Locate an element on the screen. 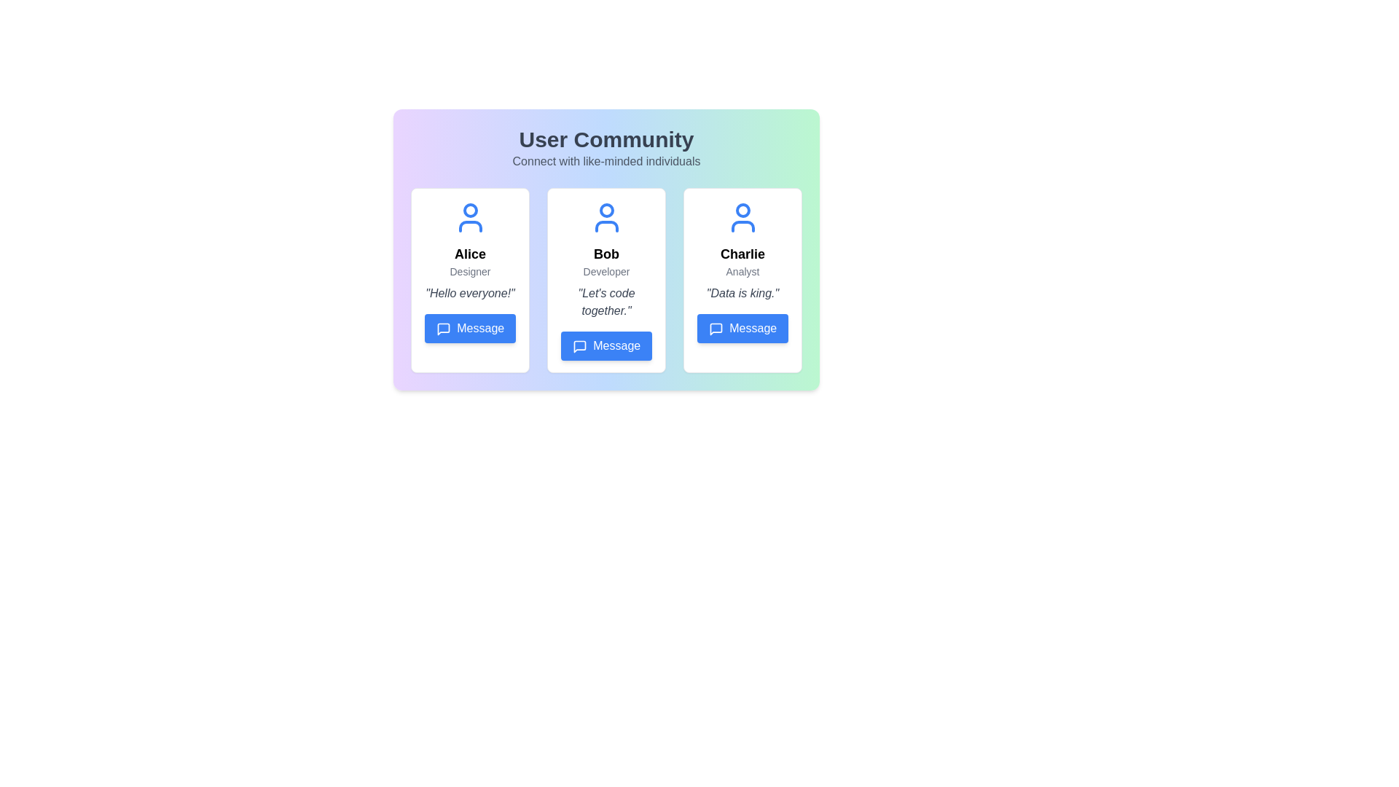 This screenshot has height=787, width=1399. the message bubble icon located in the 'Message' button component, positioned to the left of the 'Message' text is located at coordinates (579, 346).